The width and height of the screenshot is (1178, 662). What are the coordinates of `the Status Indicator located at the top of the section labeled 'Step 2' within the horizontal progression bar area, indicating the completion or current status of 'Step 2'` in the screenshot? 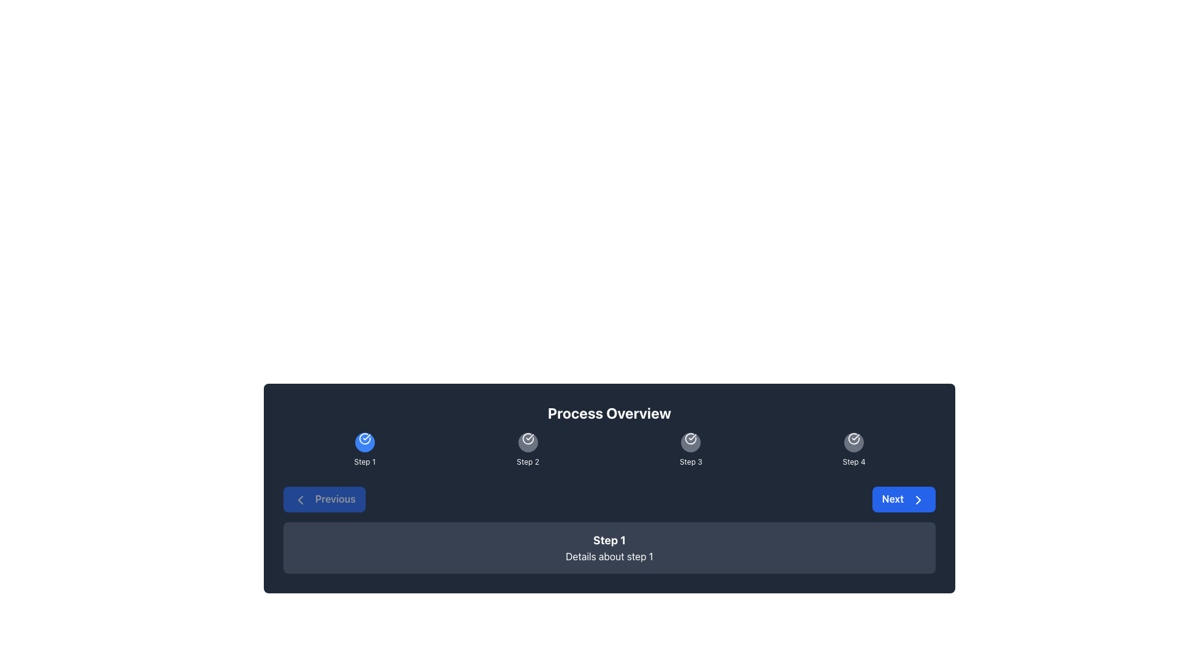 It's located at (528, 442).